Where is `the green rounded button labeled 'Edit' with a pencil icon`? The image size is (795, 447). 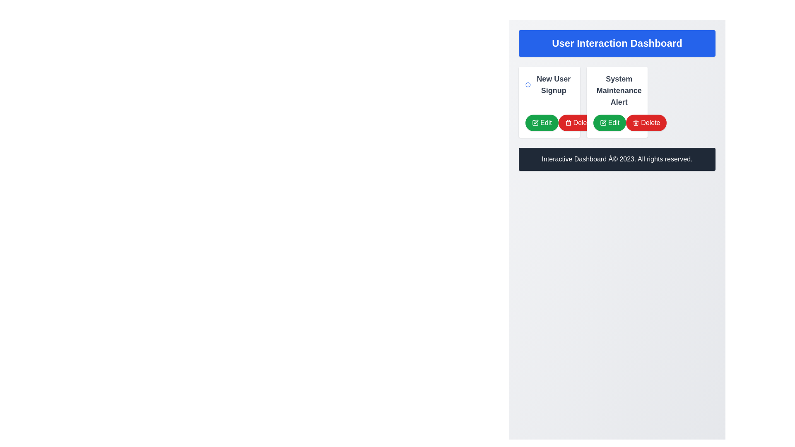 the green rounded button labeled 'Edit' with a pencil icon is located at coordinates (542, 123).